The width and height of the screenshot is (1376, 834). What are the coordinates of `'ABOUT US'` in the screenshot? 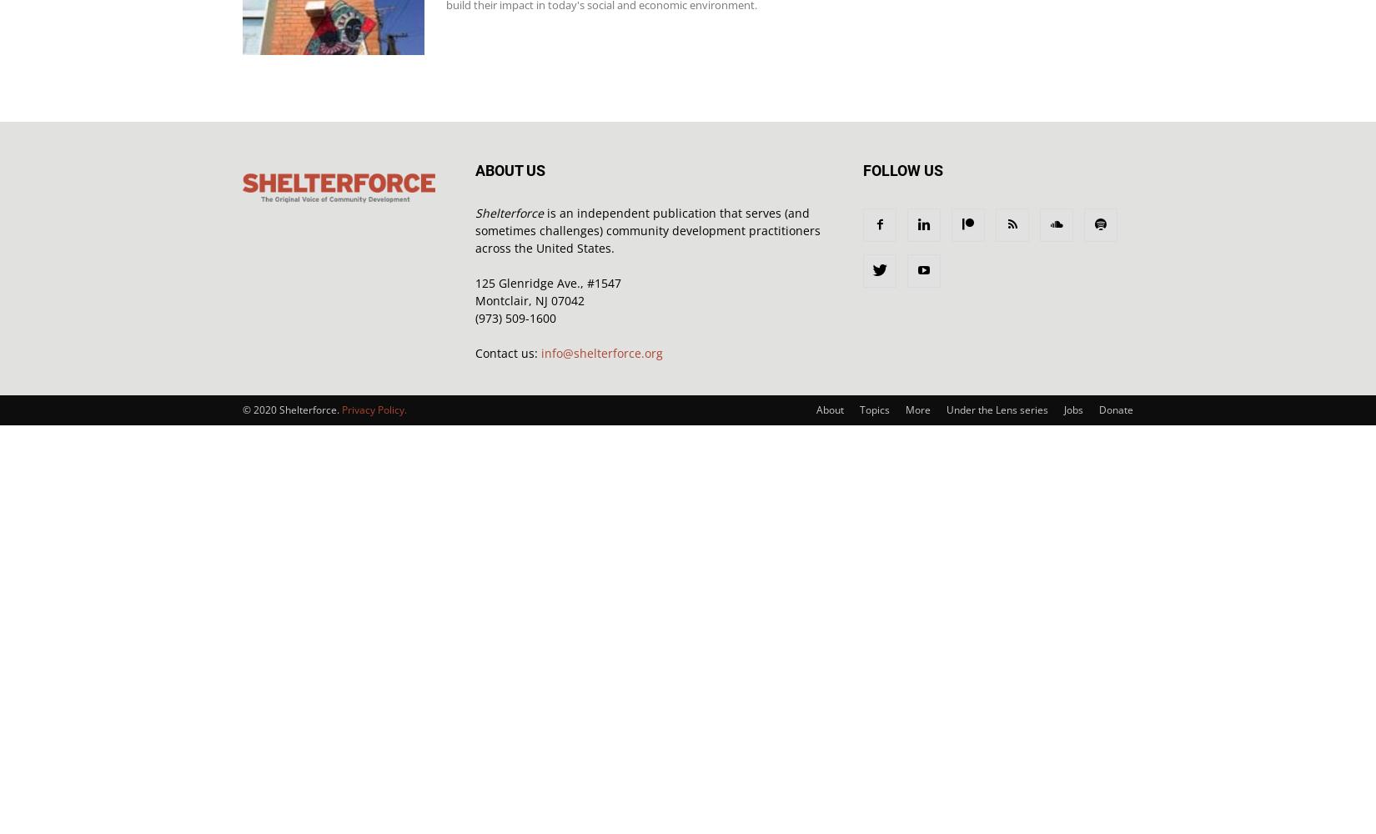 It's located at (509, 169).